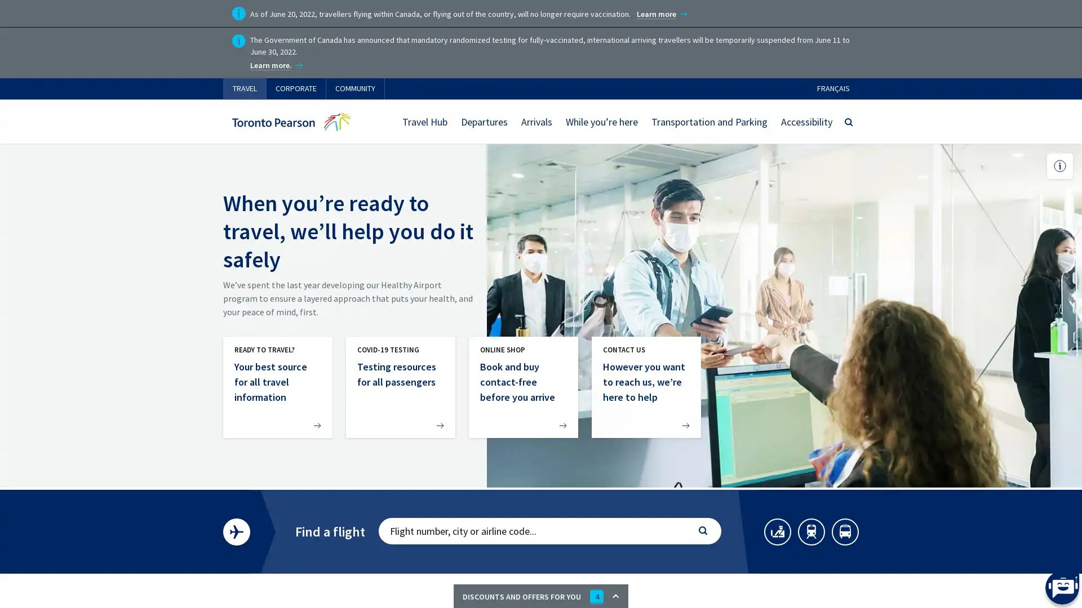 This screenshot has height=608, width=1082. Describe the element at coordinates (845, 531) in the screenshot. I see `BUSES` at that location.